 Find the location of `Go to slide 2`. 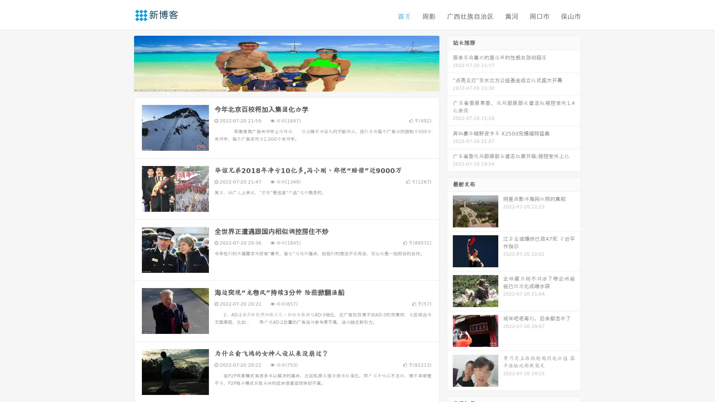

Go to slide 2 is located at coordinates (286, 84).